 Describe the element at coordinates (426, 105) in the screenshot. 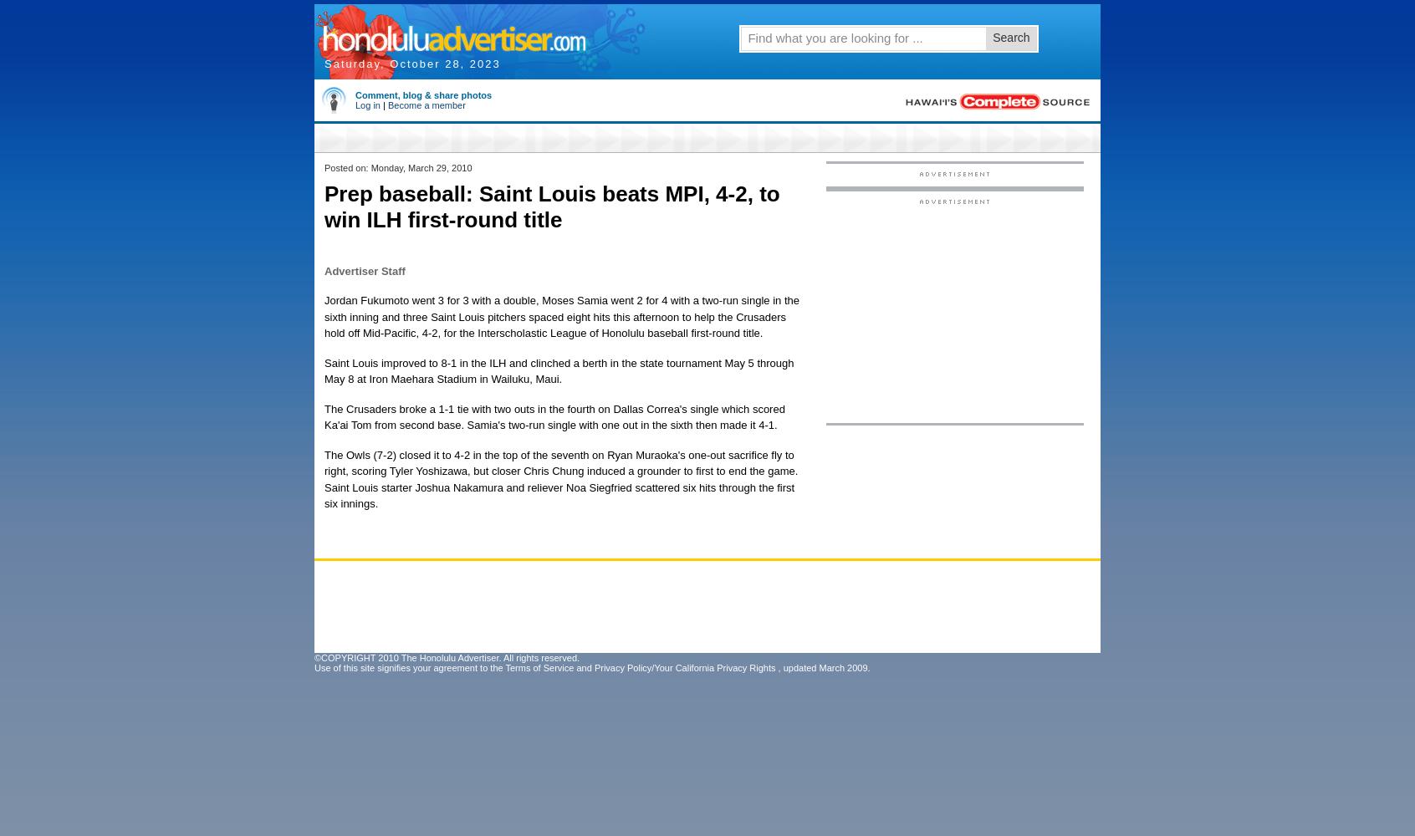

I see `'Become a member'` at that location.